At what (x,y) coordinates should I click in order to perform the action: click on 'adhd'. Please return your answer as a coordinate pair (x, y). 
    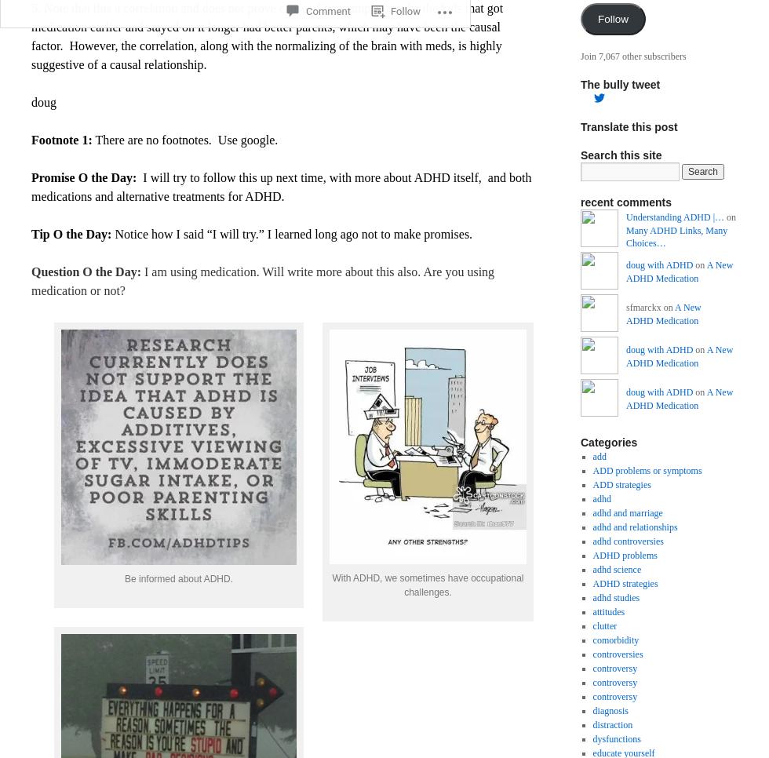
    Looking at the image, I should click on (592, 497).